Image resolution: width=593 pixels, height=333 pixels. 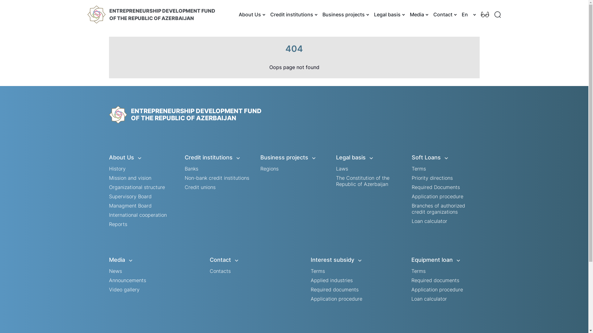 What do you see at coordinates (127, 280) in the screenshot?
I see `'Announcements'` at bounding box center [127, 280].